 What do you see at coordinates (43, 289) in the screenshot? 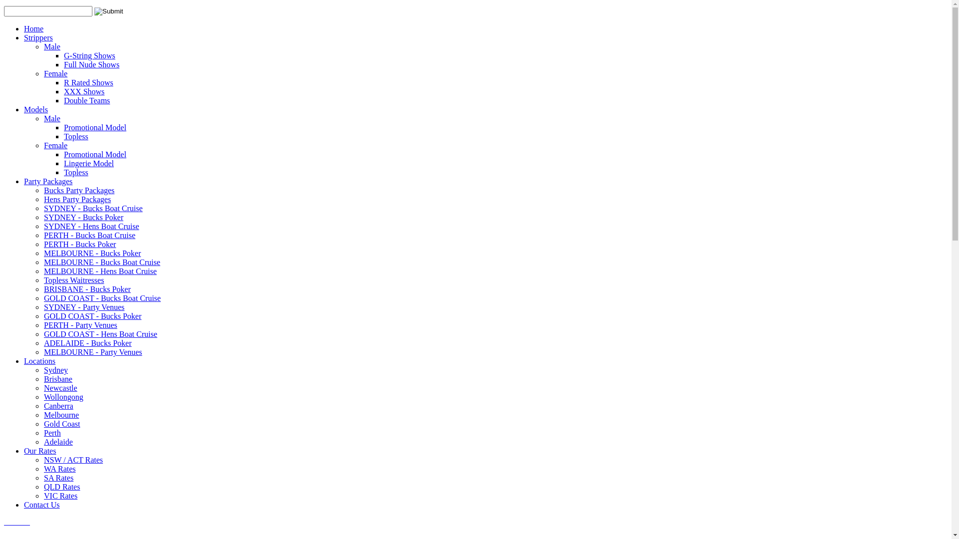
I see `'BRISBANE - Bucks Poker'` at bounding box center [43, 289].